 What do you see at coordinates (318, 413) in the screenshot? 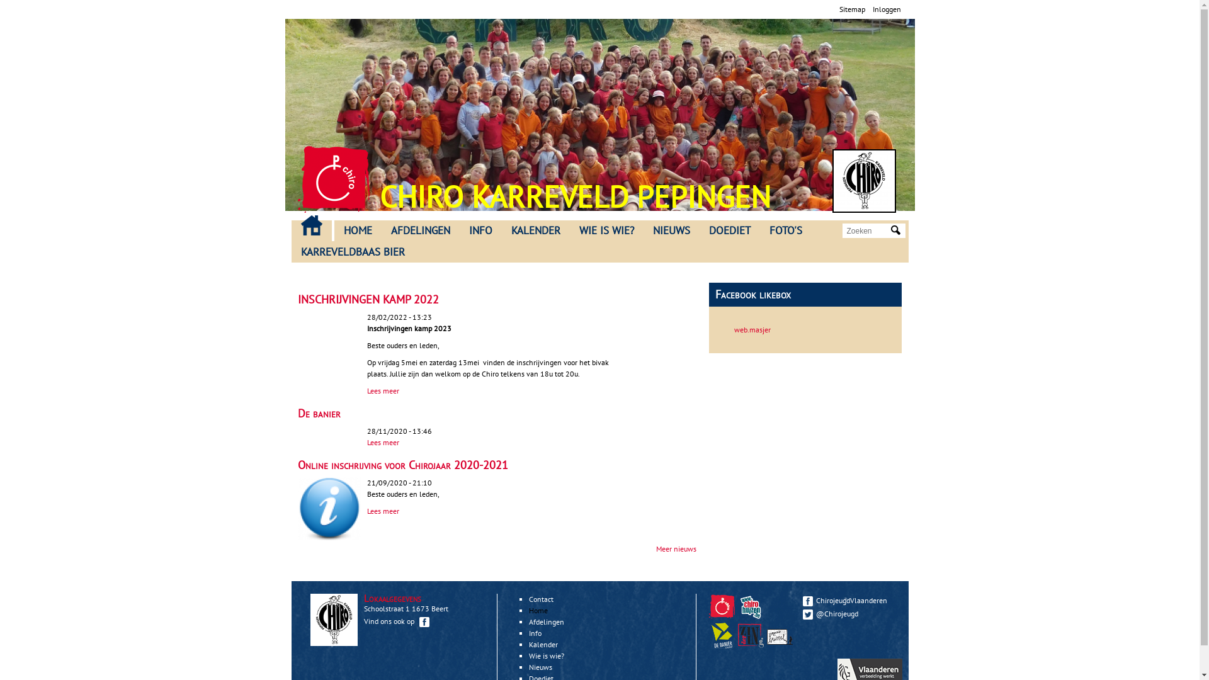
I see `'De banier'` at bounding box center [318, 413].